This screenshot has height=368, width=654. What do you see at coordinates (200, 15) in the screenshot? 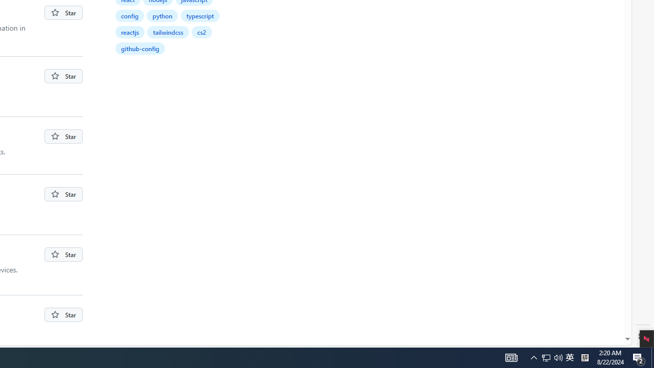
I see `'typescript'` at bounding box center [200, 15].